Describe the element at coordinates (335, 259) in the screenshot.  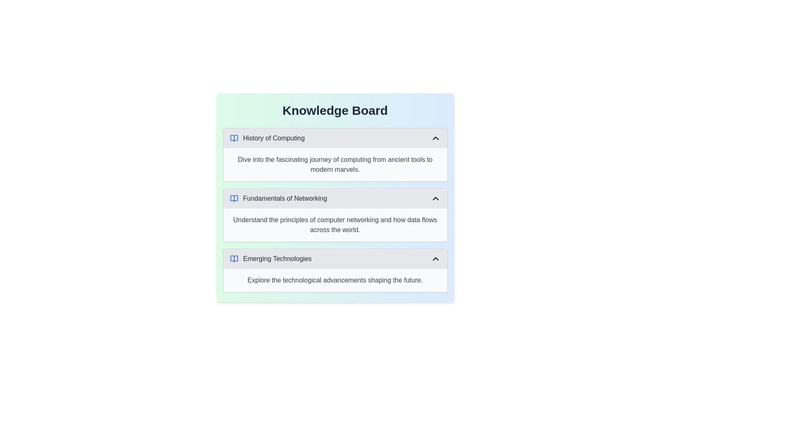
I see `the 'Emerging Technologies' button in the 'Knowledge Board' interface` at that location.